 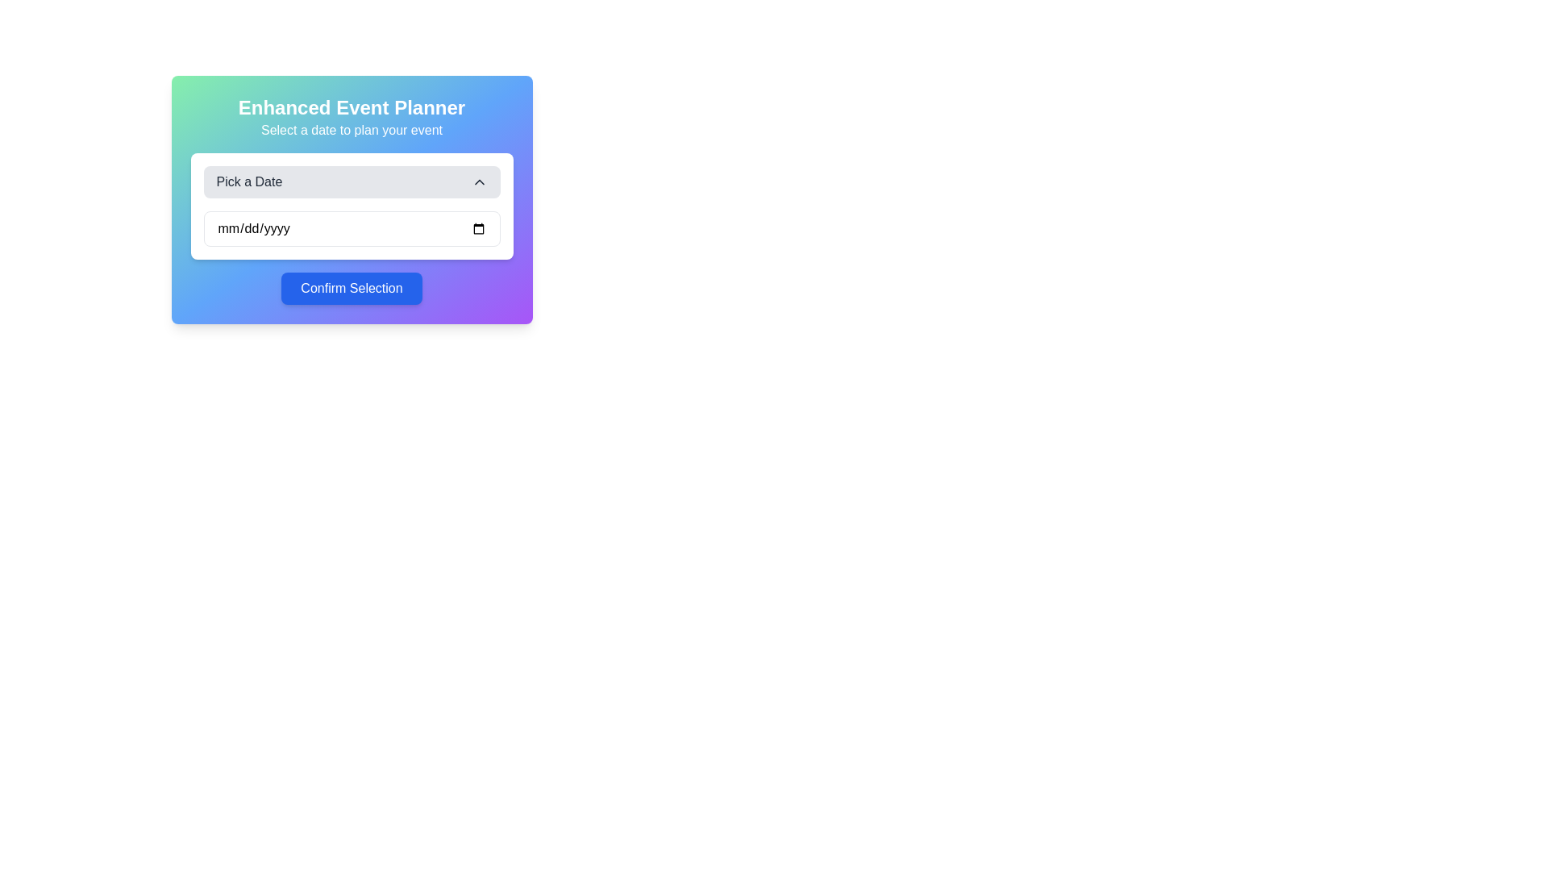 What do you see at coordinates (478, 181) in the screenshot?
I see `the dropdown menu icon located in the top-right portion of the 'Pick a Date' section, above the date input field` at bounding box center [478, 181].